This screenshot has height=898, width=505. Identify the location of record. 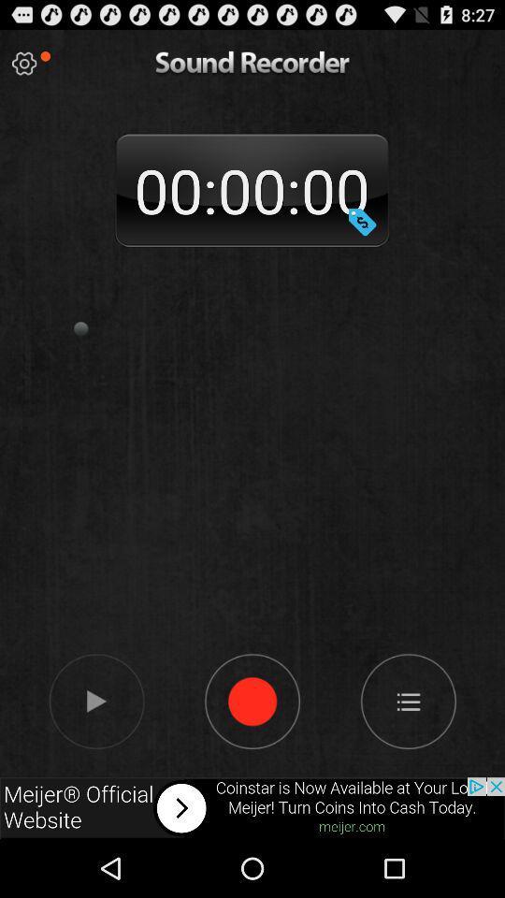
(252, 700).